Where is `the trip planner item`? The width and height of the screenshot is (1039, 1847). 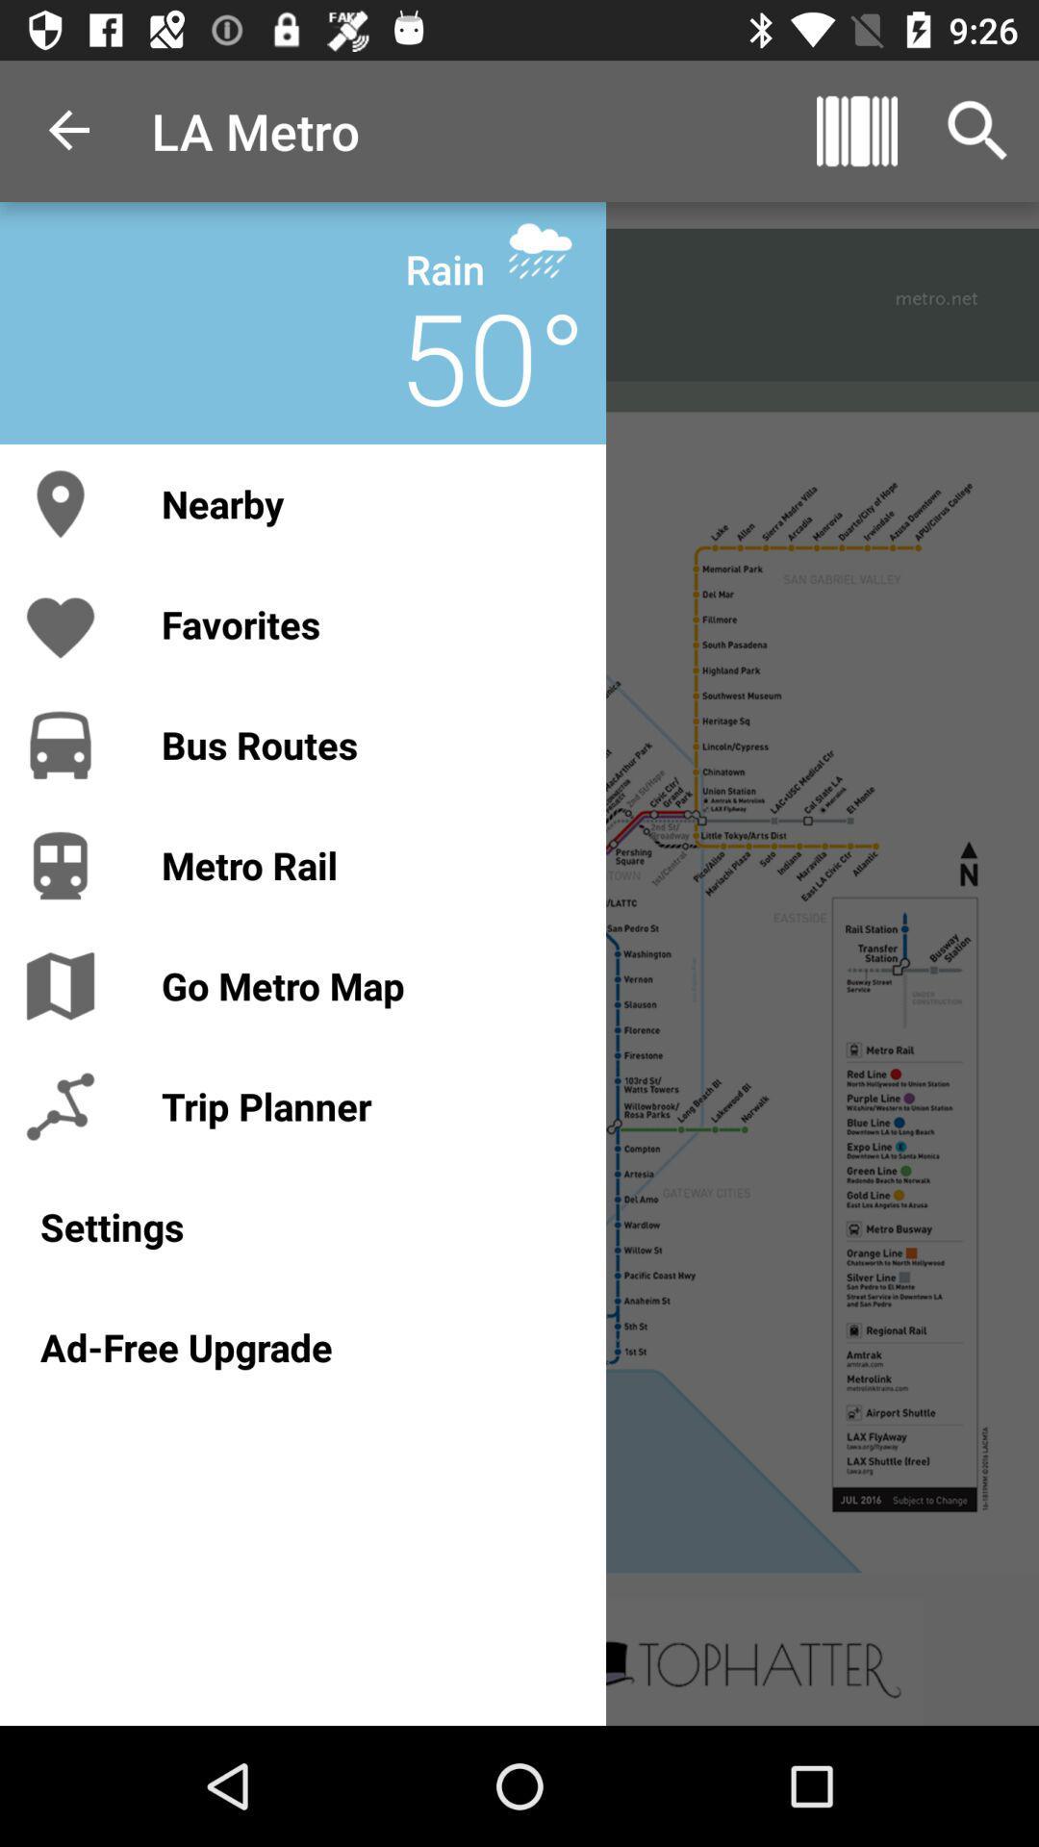 the trip planner item is located at coordinates (364, 1106).